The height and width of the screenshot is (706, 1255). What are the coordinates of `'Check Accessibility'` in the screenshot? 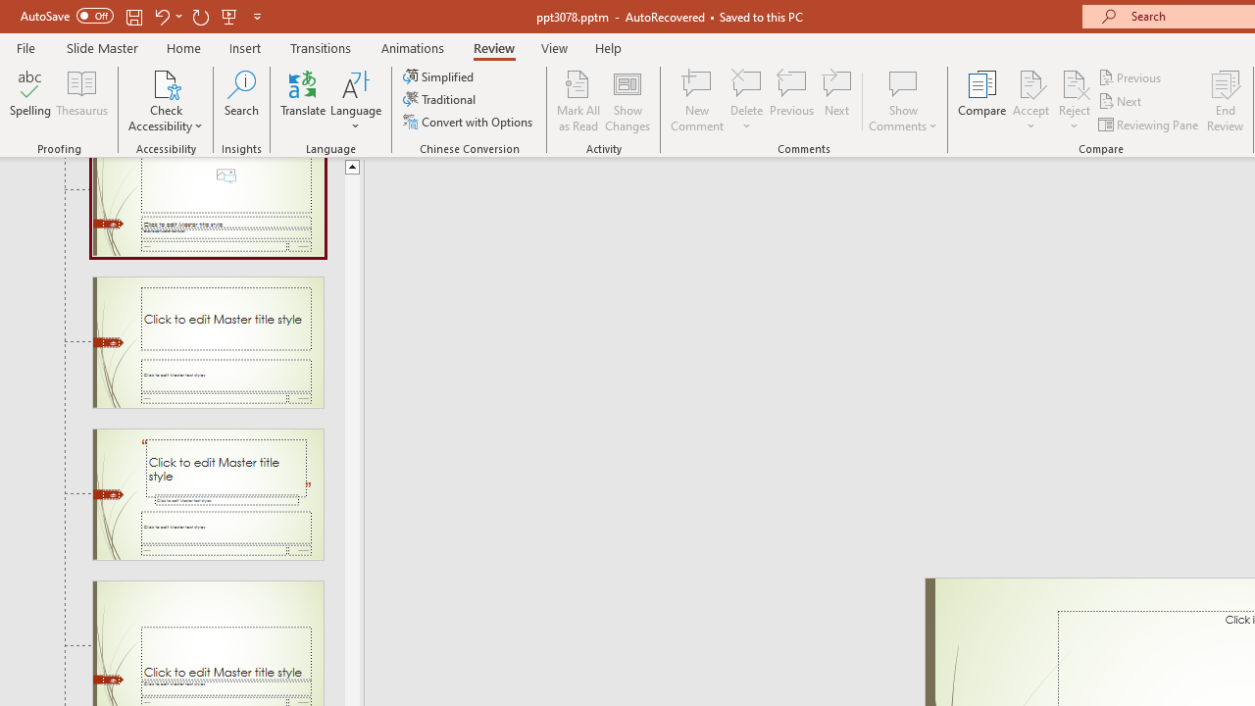 It's located at (166, 101).